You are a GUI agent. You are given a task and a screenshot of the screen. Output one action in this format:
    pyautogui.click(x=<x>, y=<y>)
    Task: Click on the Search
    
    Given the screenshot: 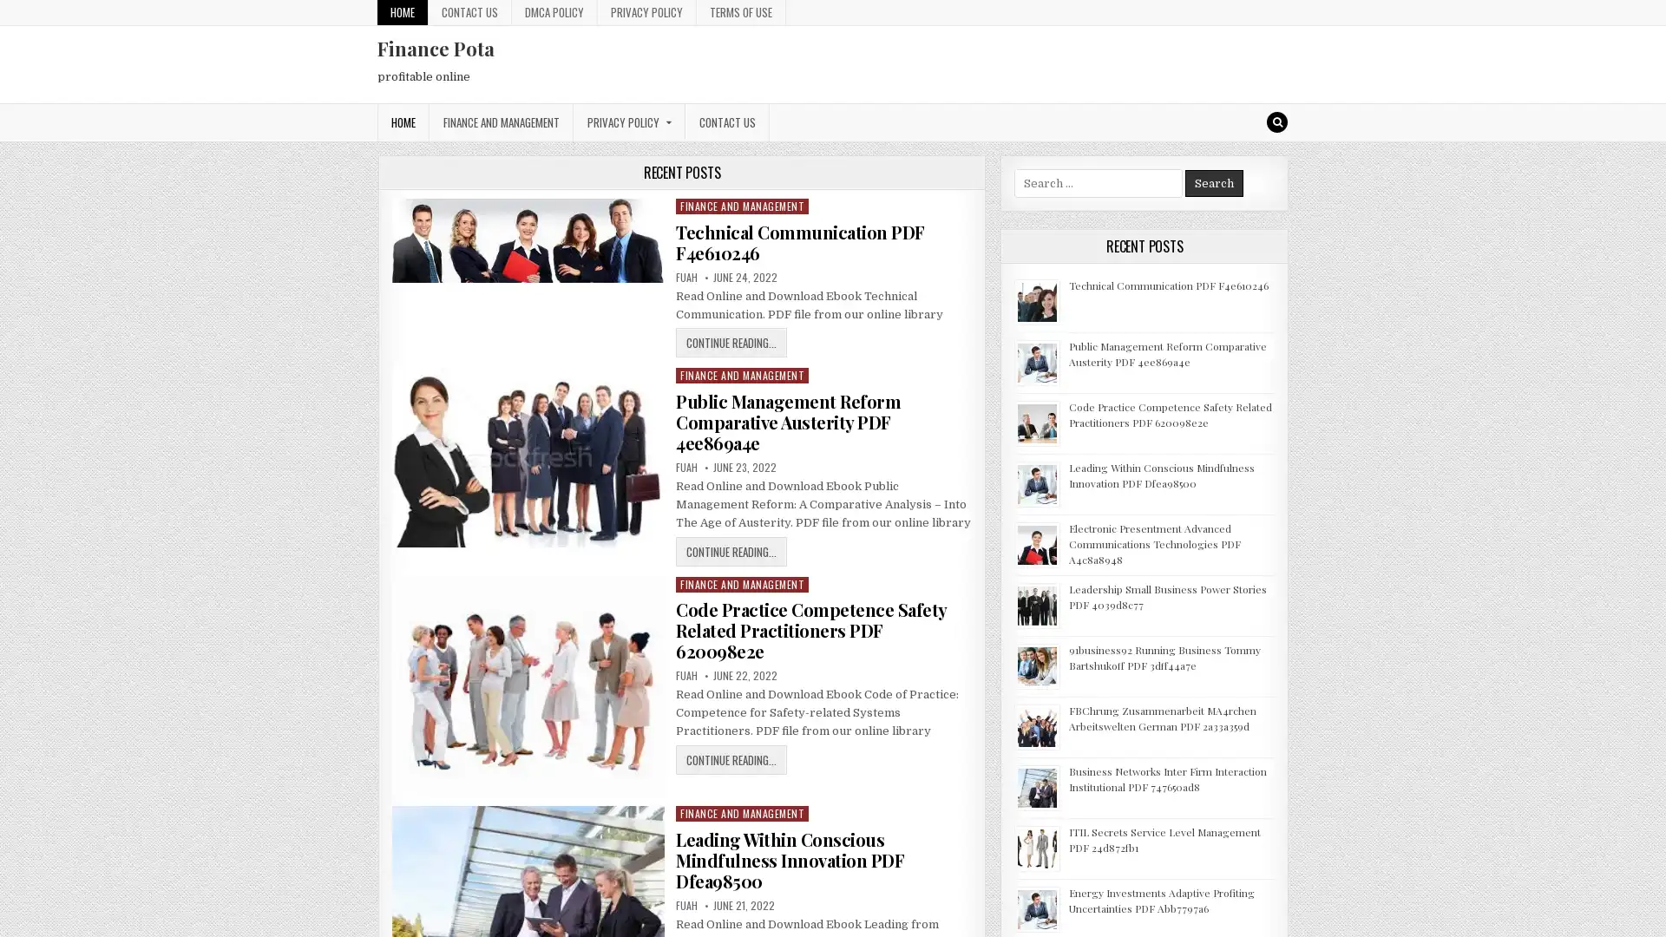 What is the action you would take?
    pyautogui.click(x=1213, y=183)
    